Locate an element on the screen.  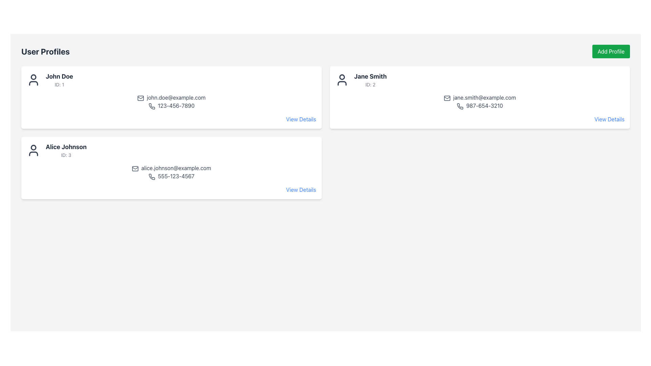
the Text Display element showing the bold name 'Alice Johnson' with ID '3' located in the second card from the top in the left column of the user profile list is located at coordinates (66, 150).